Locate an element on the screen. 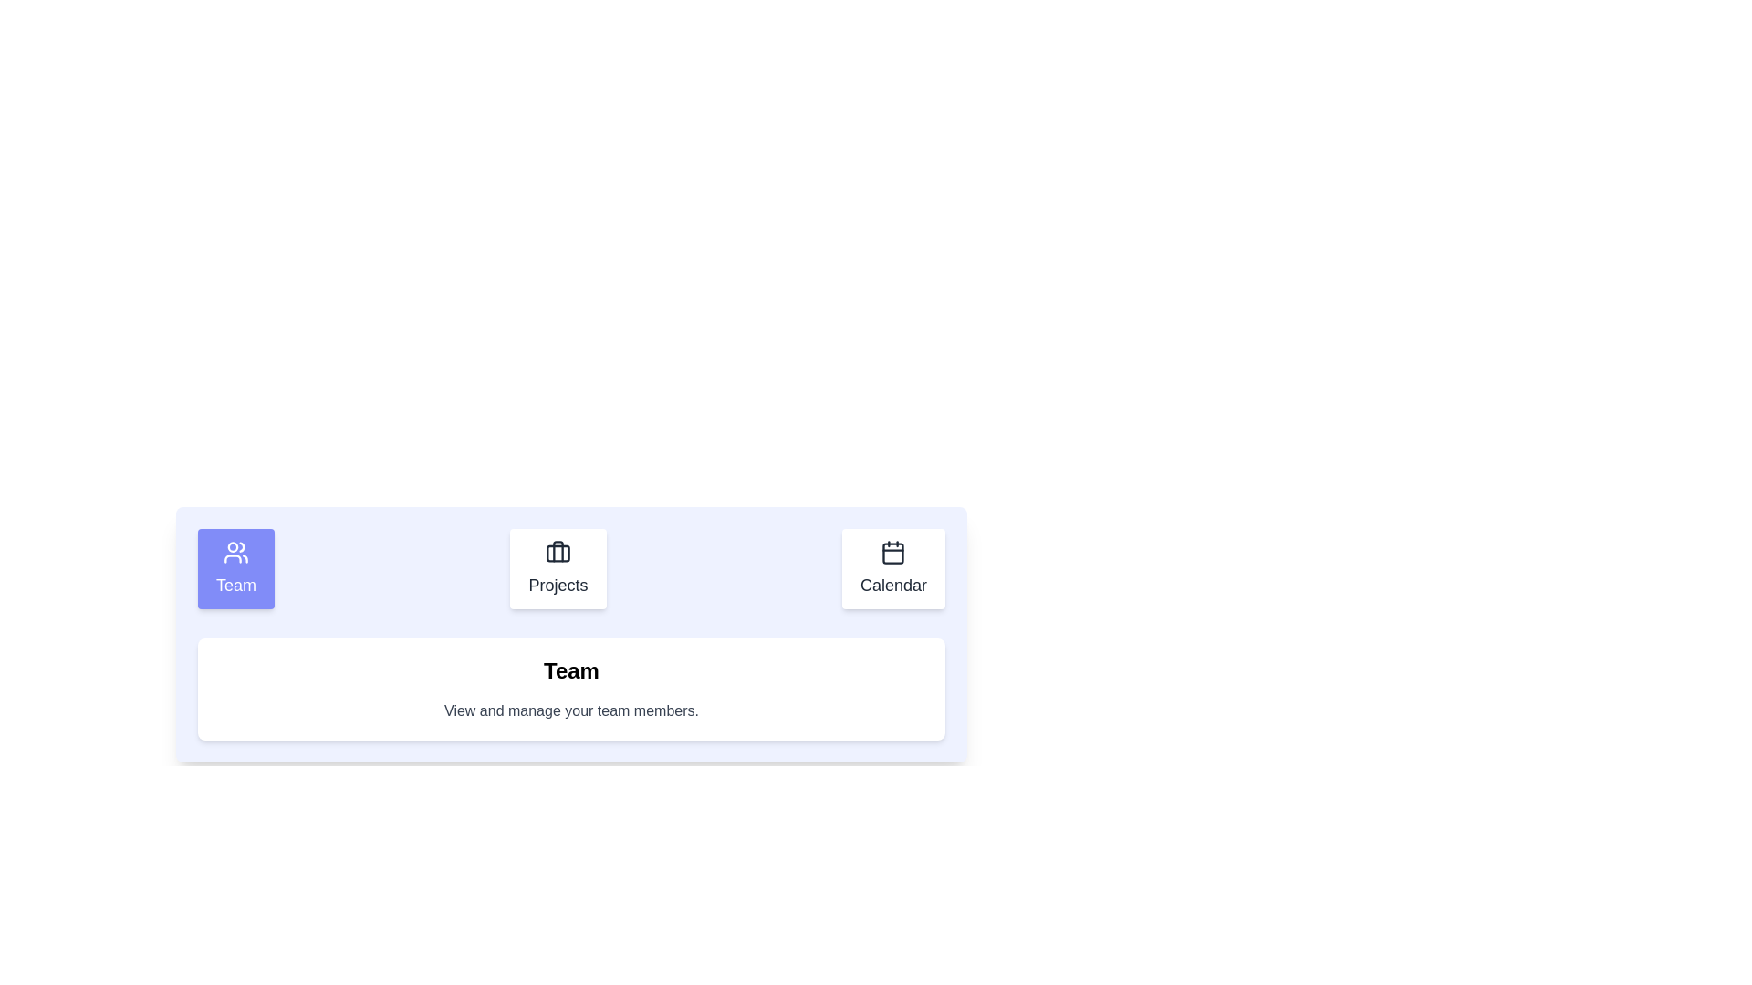  the Projects tab to switch to its view is located at coordinates (556, 568).